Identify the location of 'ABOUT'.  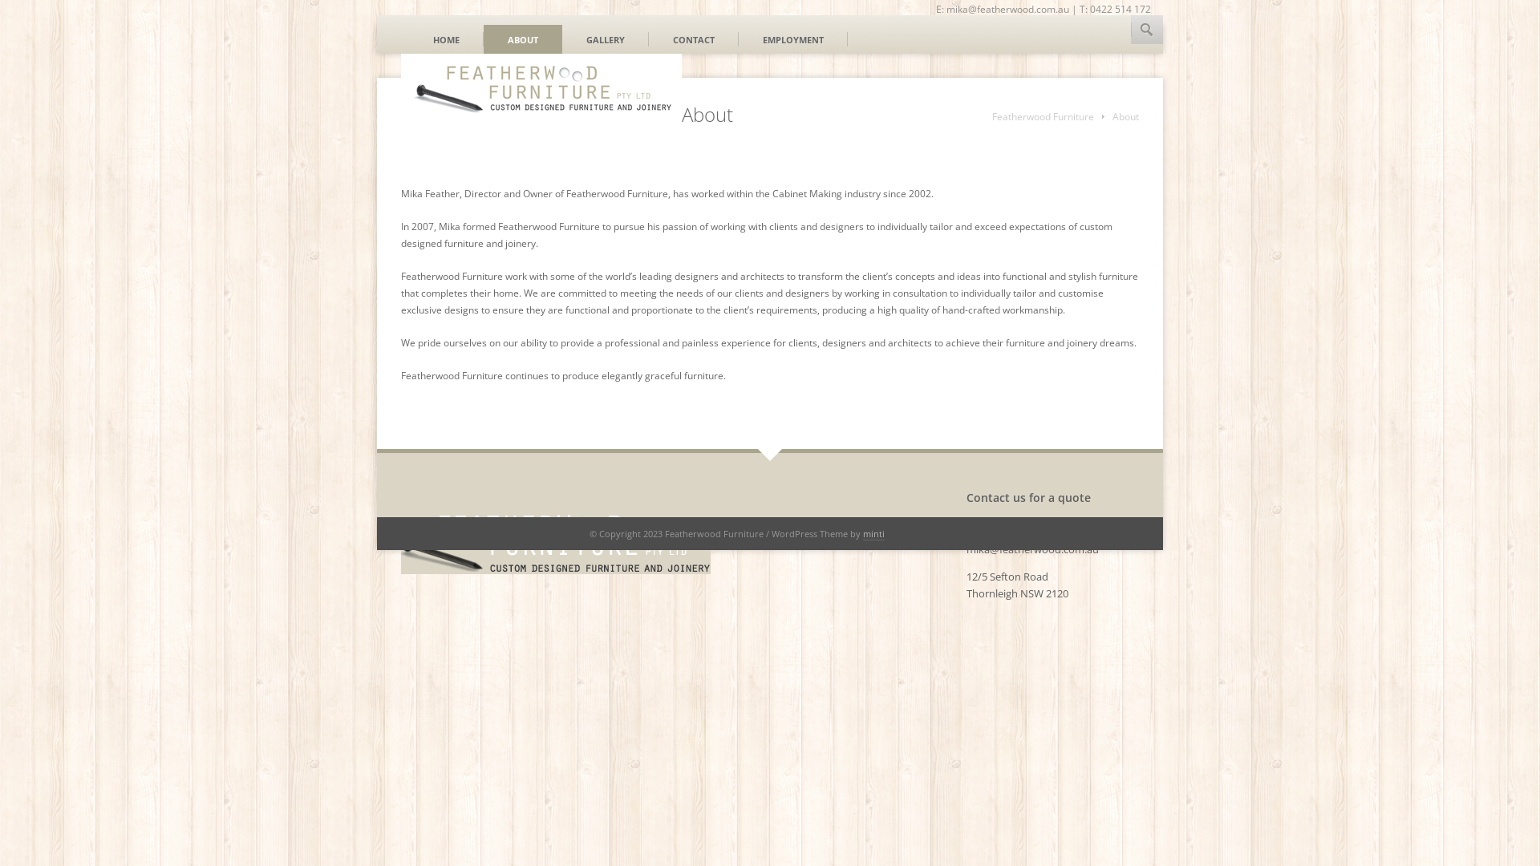
(523, 38).